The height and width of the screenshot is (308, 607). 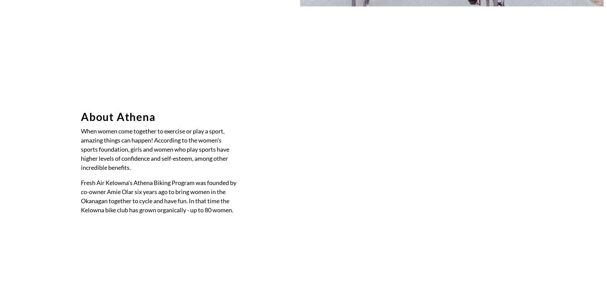 I want to click on 'Shop', so click(x=240, y=83).